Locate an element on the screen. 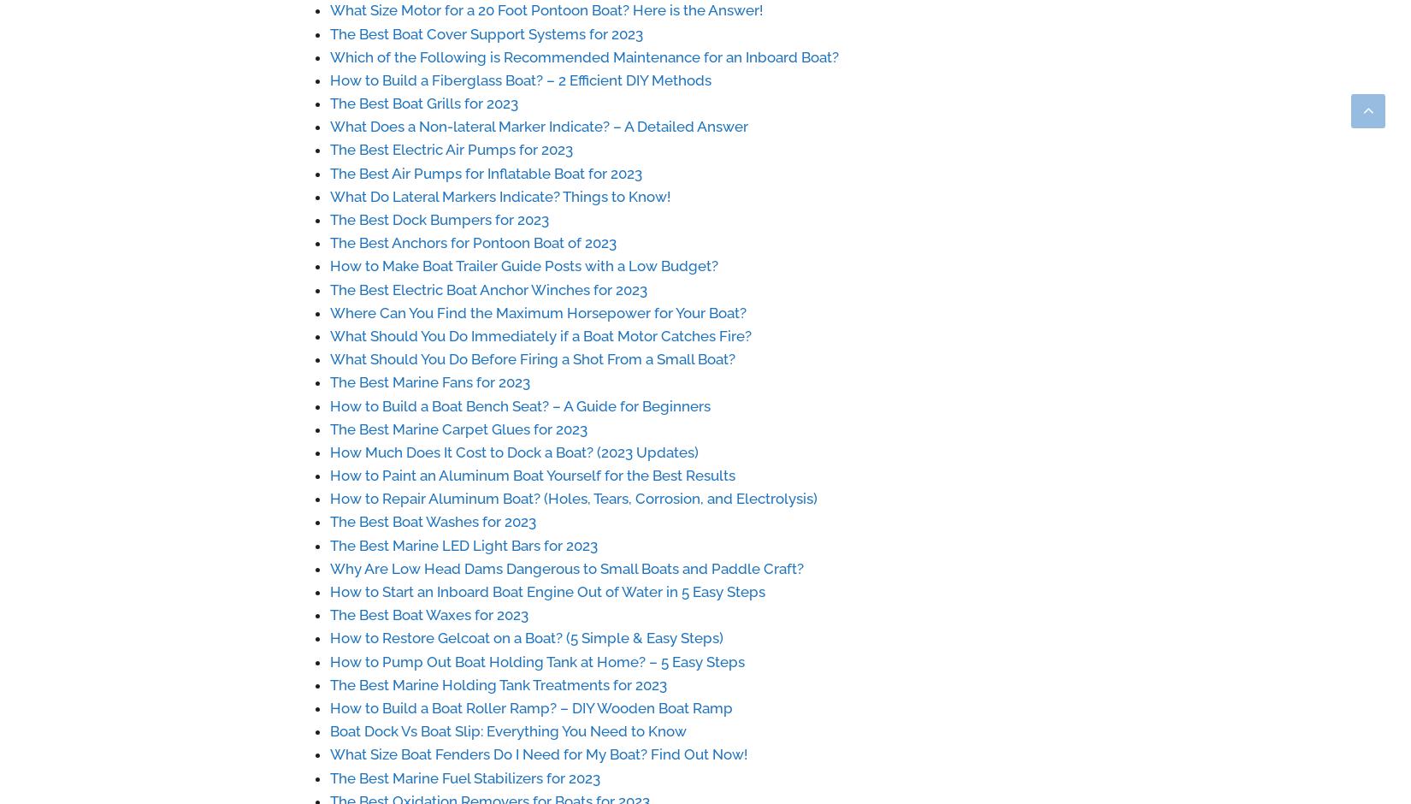 The width and height of the screenshot is (1411, 804). 'The Best Marine Carpet Glues for 2023' is located at coordinates (329, 429).